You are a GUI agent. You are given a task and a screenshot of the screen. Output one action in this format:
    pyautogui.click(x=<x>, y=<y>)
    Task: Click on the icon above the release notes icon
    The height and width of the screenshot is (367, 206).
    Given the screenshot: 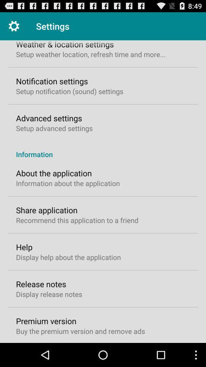 What is the action you would take?
    pyautogui.click(x=68, y=257)
    